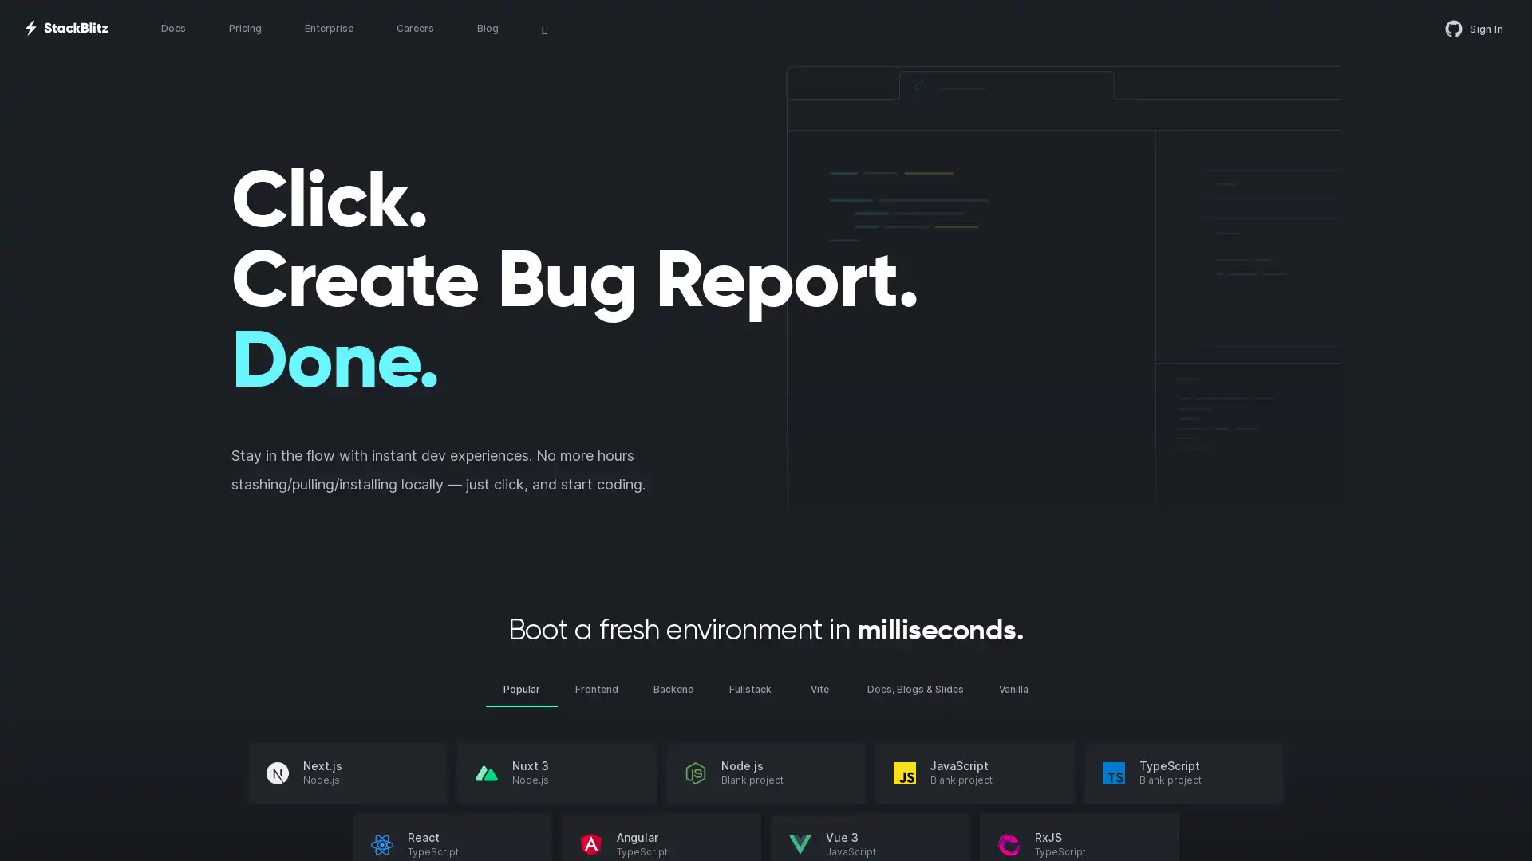 This screenshot has height=861, width=1532. What do you see at coordinates (1013, 688) in the screenshot?
I see `Vanilla` at bounding box center [1013, 688].